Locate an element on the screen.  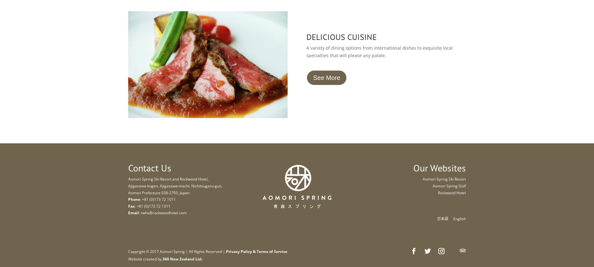
'Our Websites' is located at coordinates (439, 168).